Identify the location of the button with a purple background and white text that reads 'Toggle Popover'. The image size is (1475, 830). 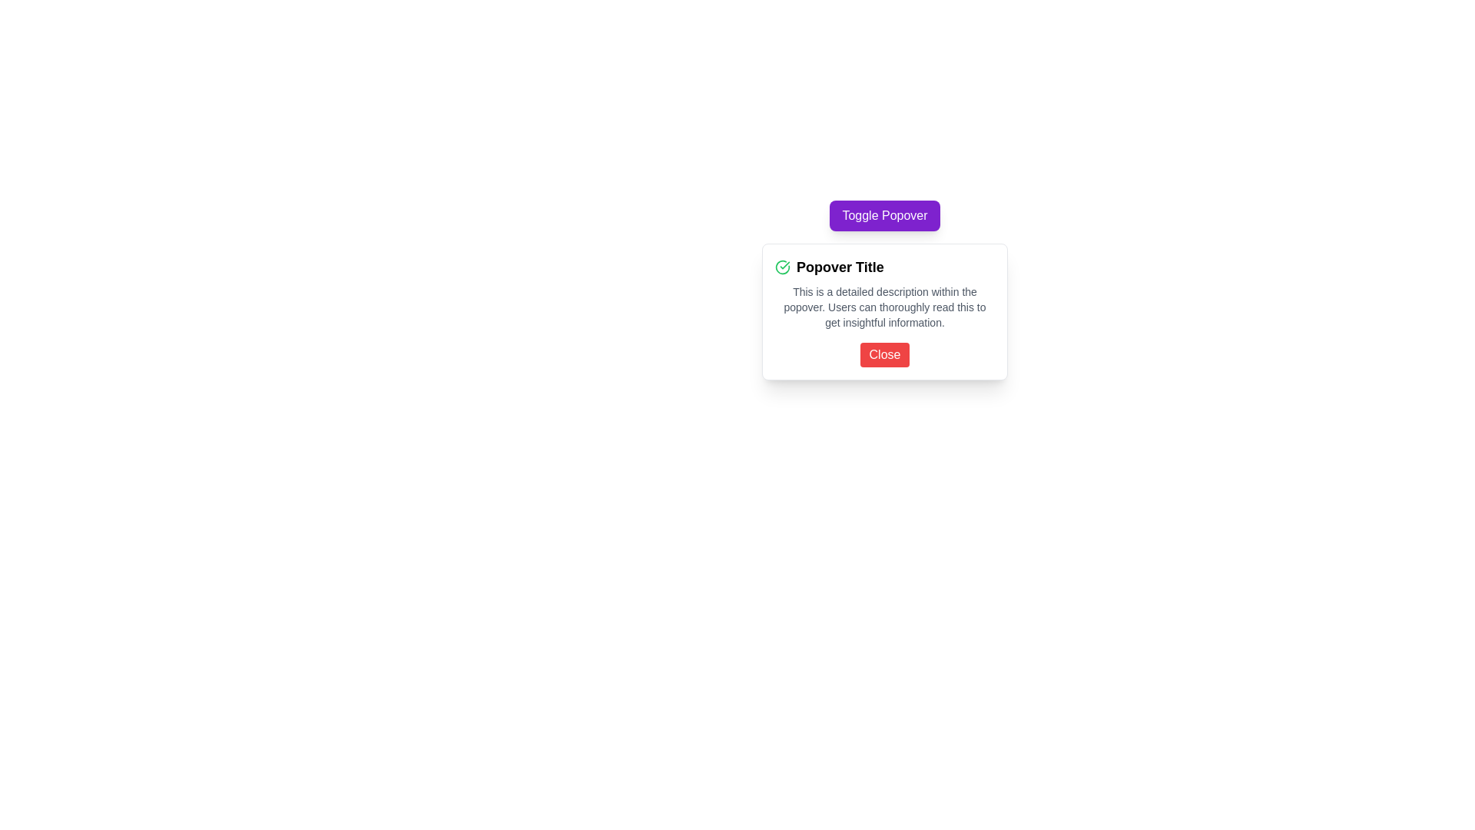
(885, 222).